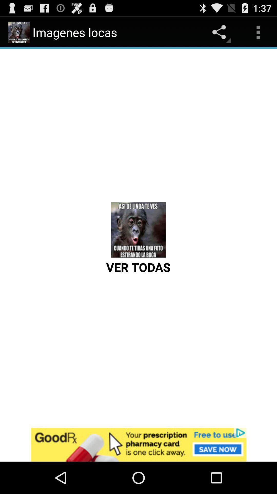 The image size is (277, 494). What do you see at coordinates (138, 444) in the screenshot?
I see `advertisement option` at bounding box center [138, 444].